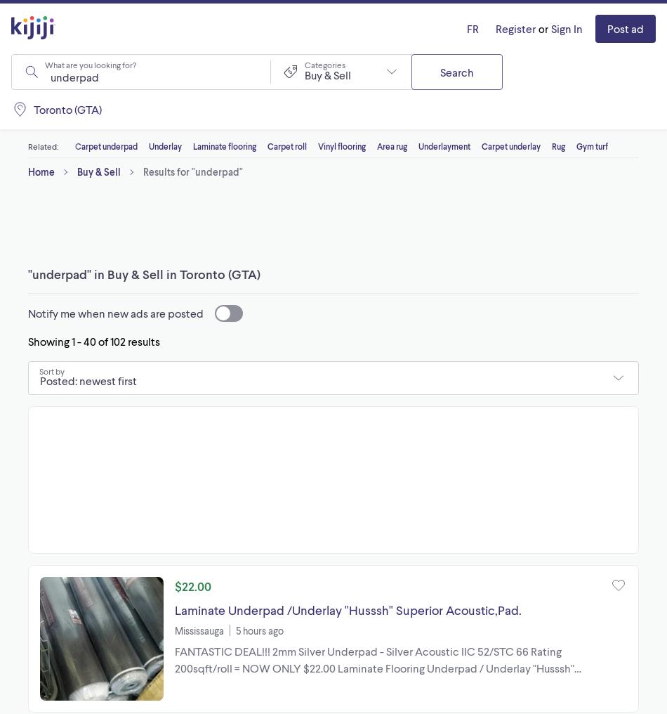  What do you see at coordinates (143, 171) in the screenshot?
I see `'Results for "underpad"'` at bounding box center [143, 171].